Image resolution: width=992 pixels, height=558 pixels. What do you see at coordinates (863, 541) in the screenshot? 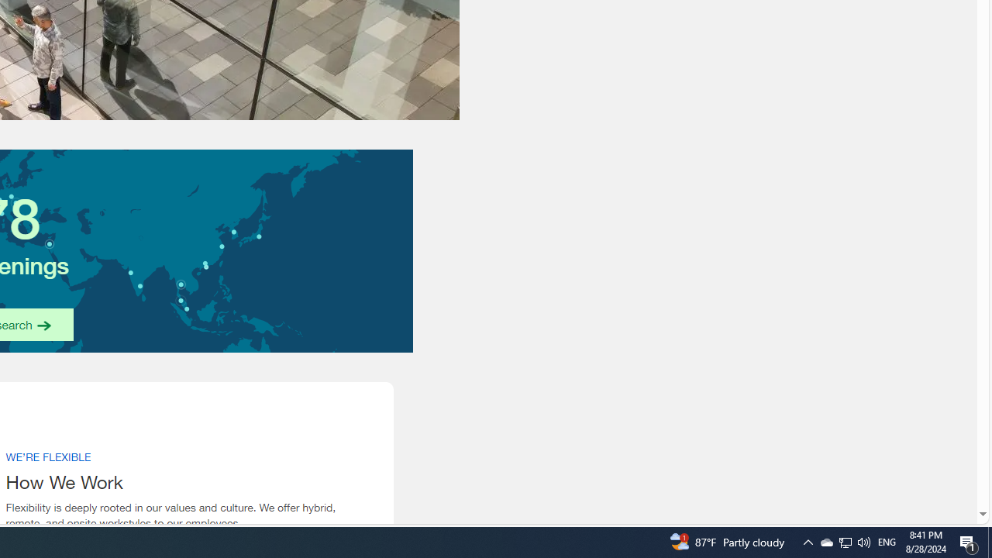
I see `'Q2790: 100%'` at bounding box center [863, 541].